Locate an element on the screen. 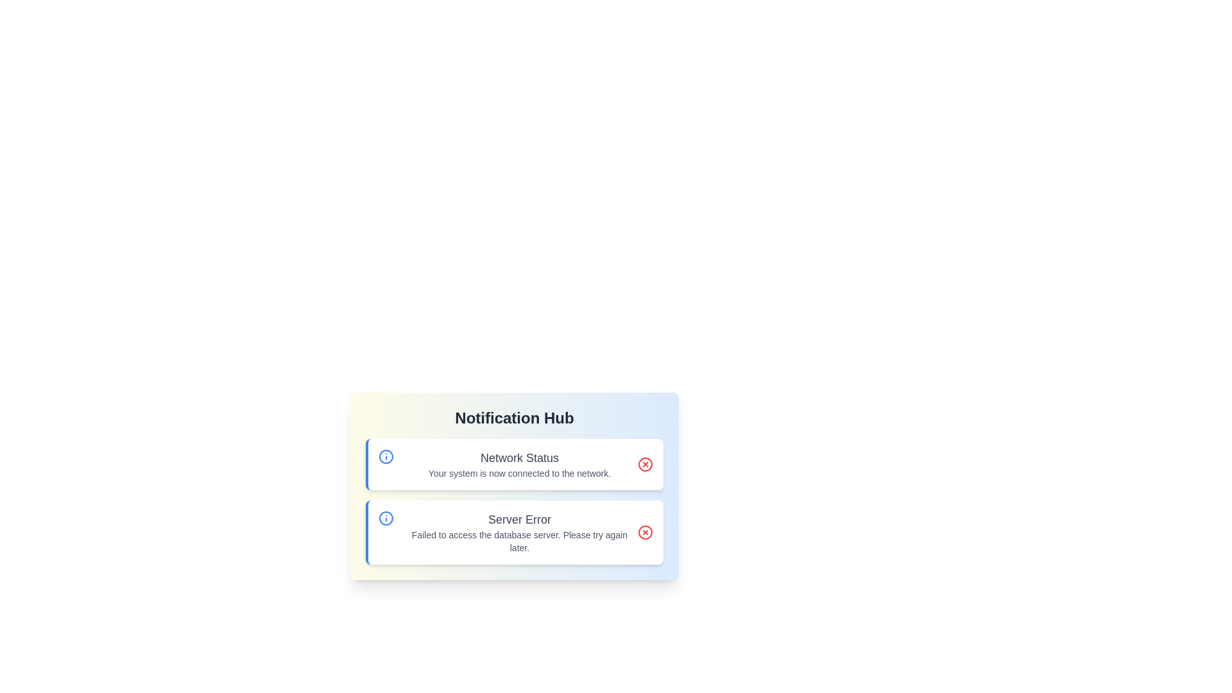 The width and height of the screenshot is (1232, 693). the notification text titled 'Network Status' is located at coordinates (520, 465).